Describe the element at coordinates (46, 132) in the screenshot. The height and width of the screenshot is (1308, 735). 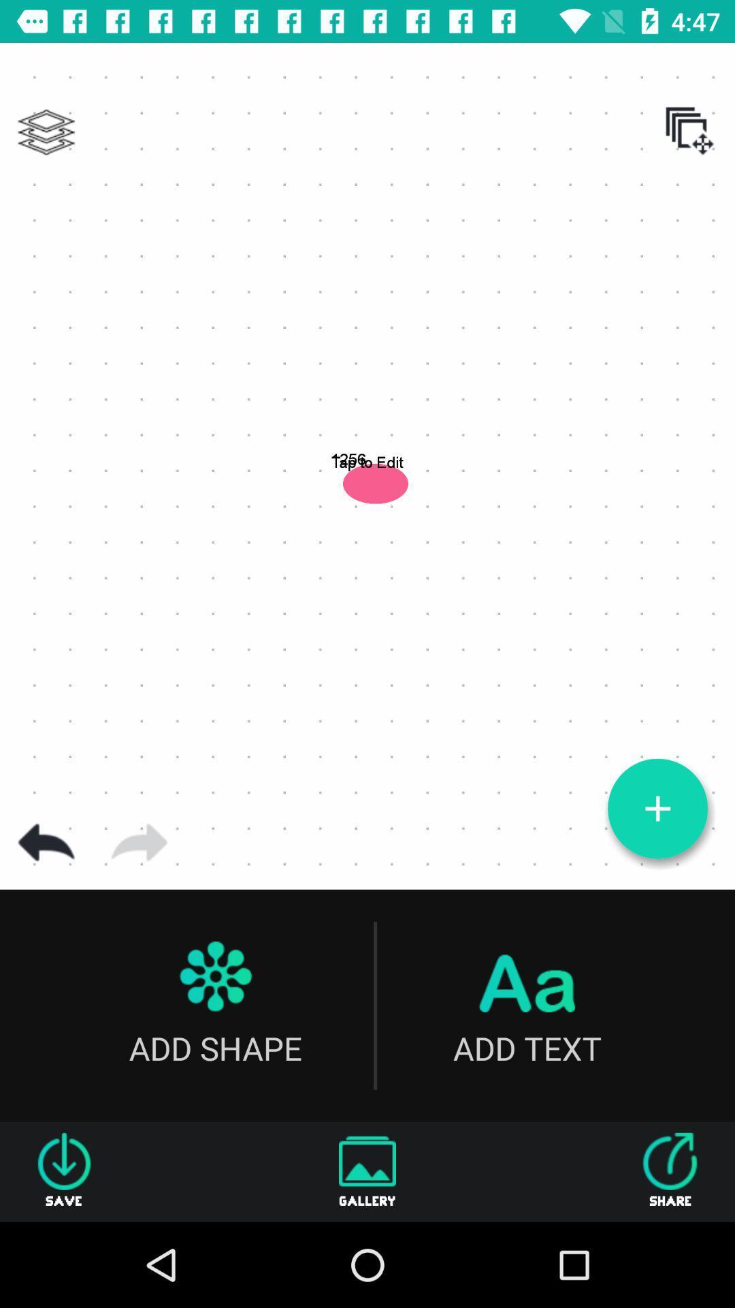
I see `show layers` at that location.